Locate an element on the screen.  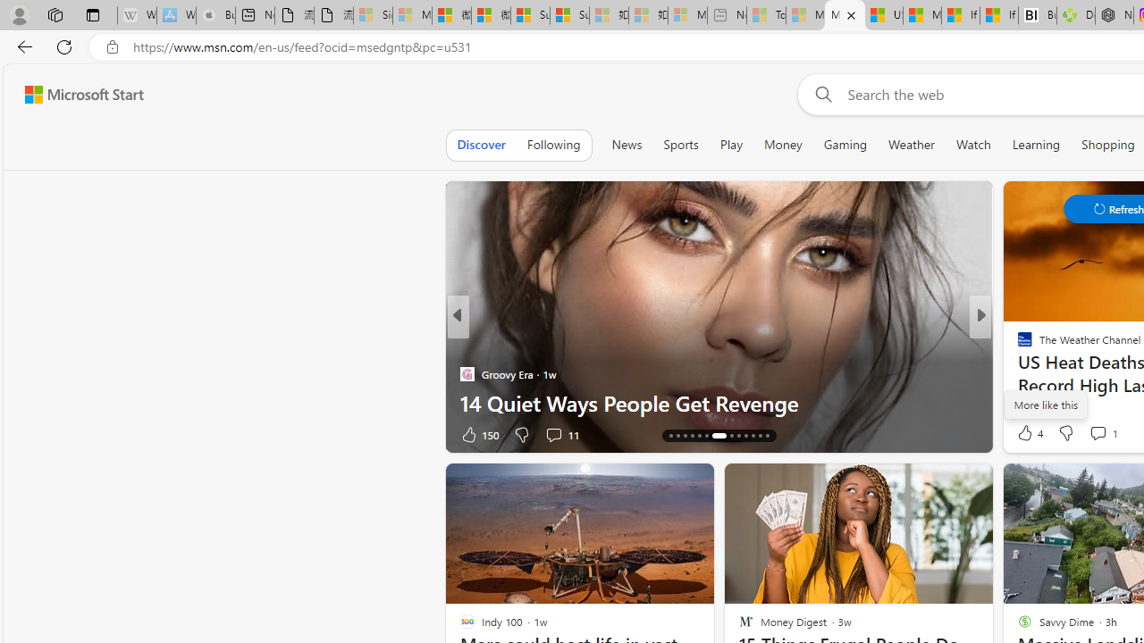
'View comments 11 Comment' is located at coordinates (552, 434).